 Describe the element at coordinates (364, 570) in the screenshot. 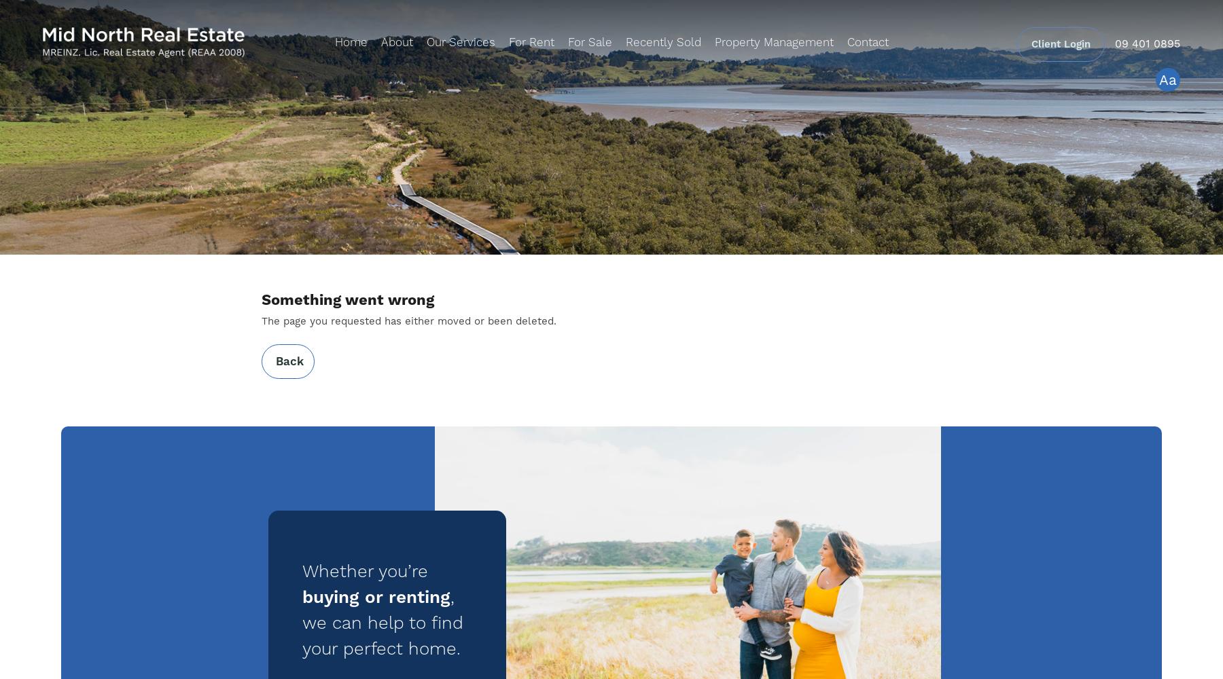

I see `'Whether you’re'` at that location.